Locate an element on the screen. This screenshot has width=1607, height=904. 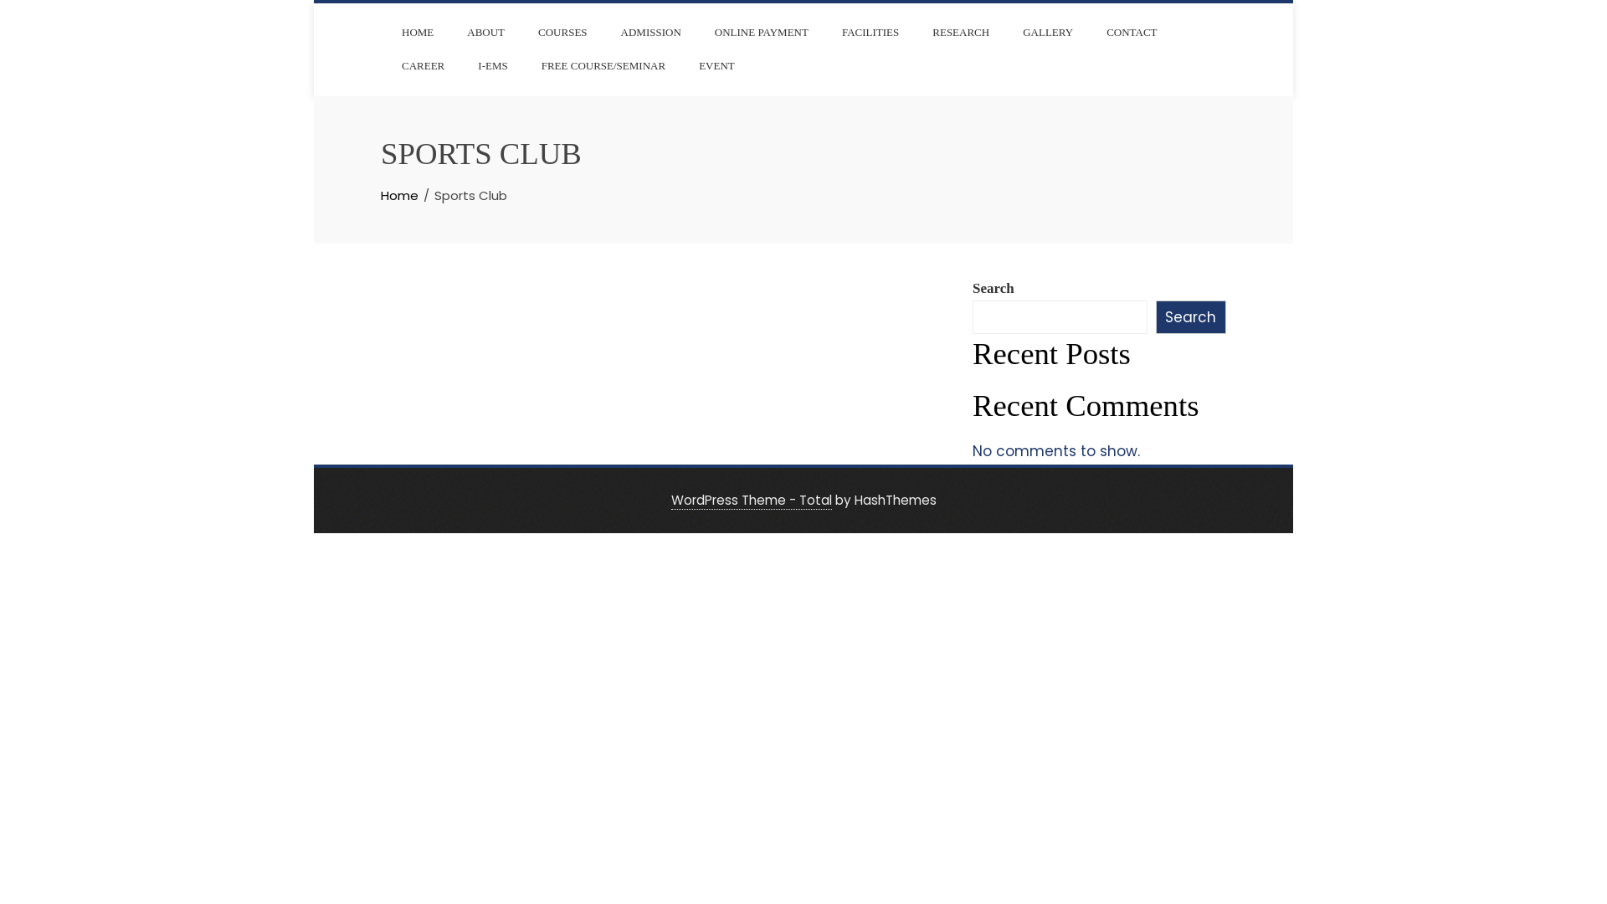
'RESEARCH' is located at coordinates (960, 32).